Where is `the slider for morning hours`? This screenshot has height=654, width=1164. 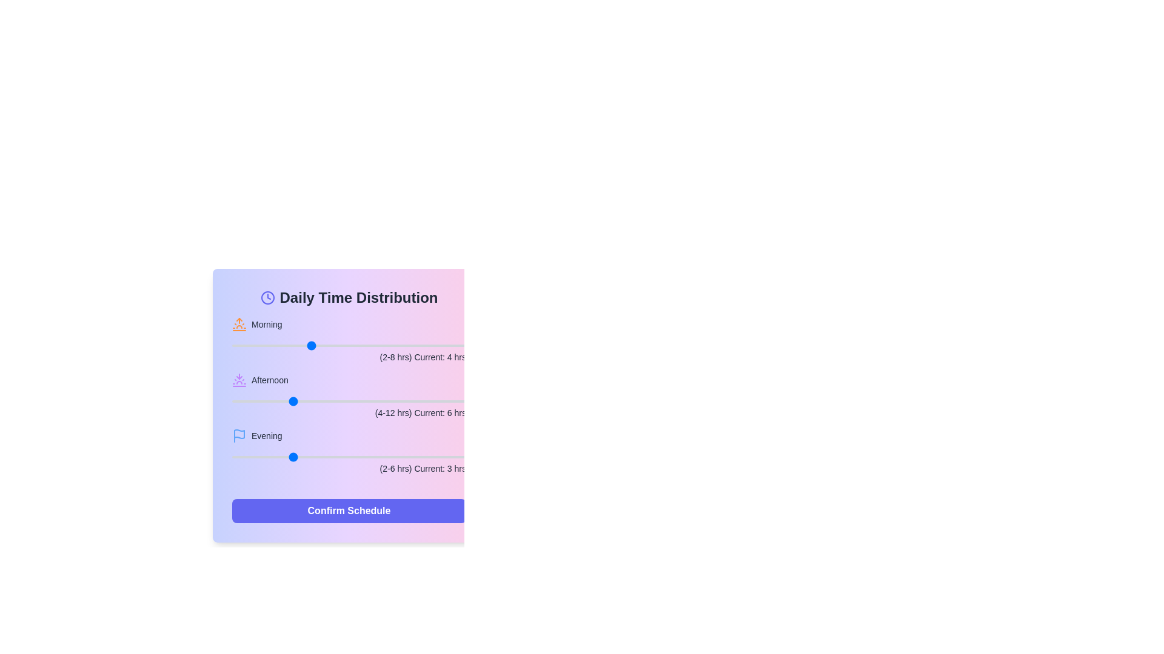 the slider for morning hours is located at coordinates (310, 345).